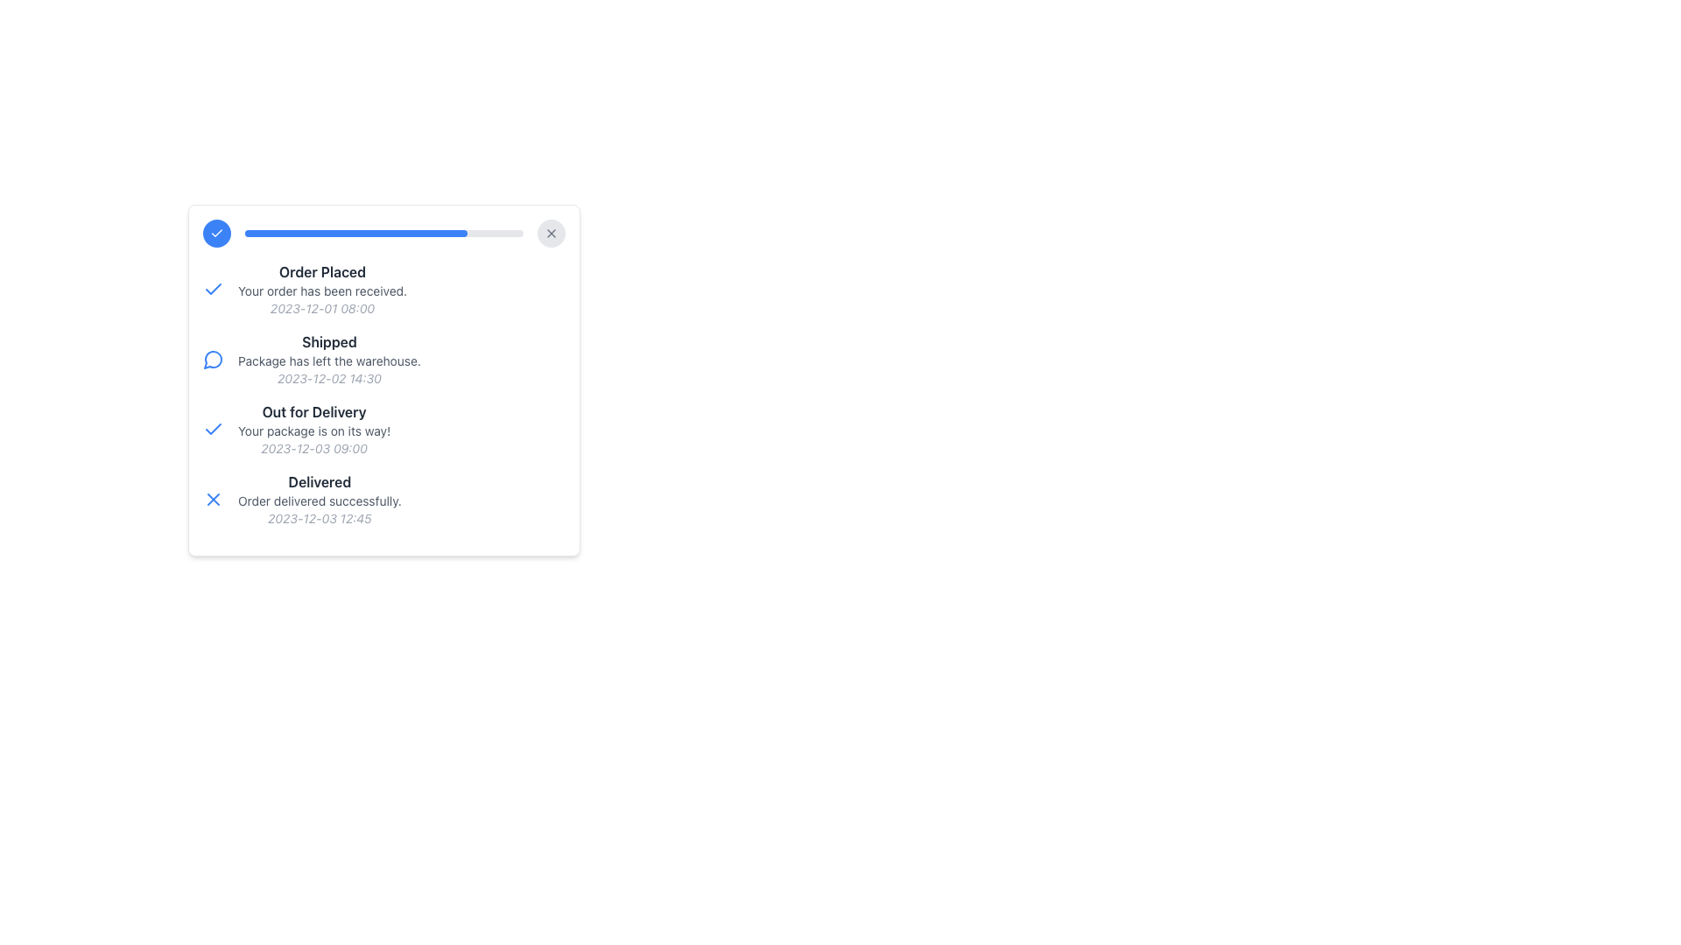  What do you see at coordinates (550, 232) in the screenshot?
I see `the close or cancel button located at the top-right edge of the status panel` at bounding box center [550, 232].